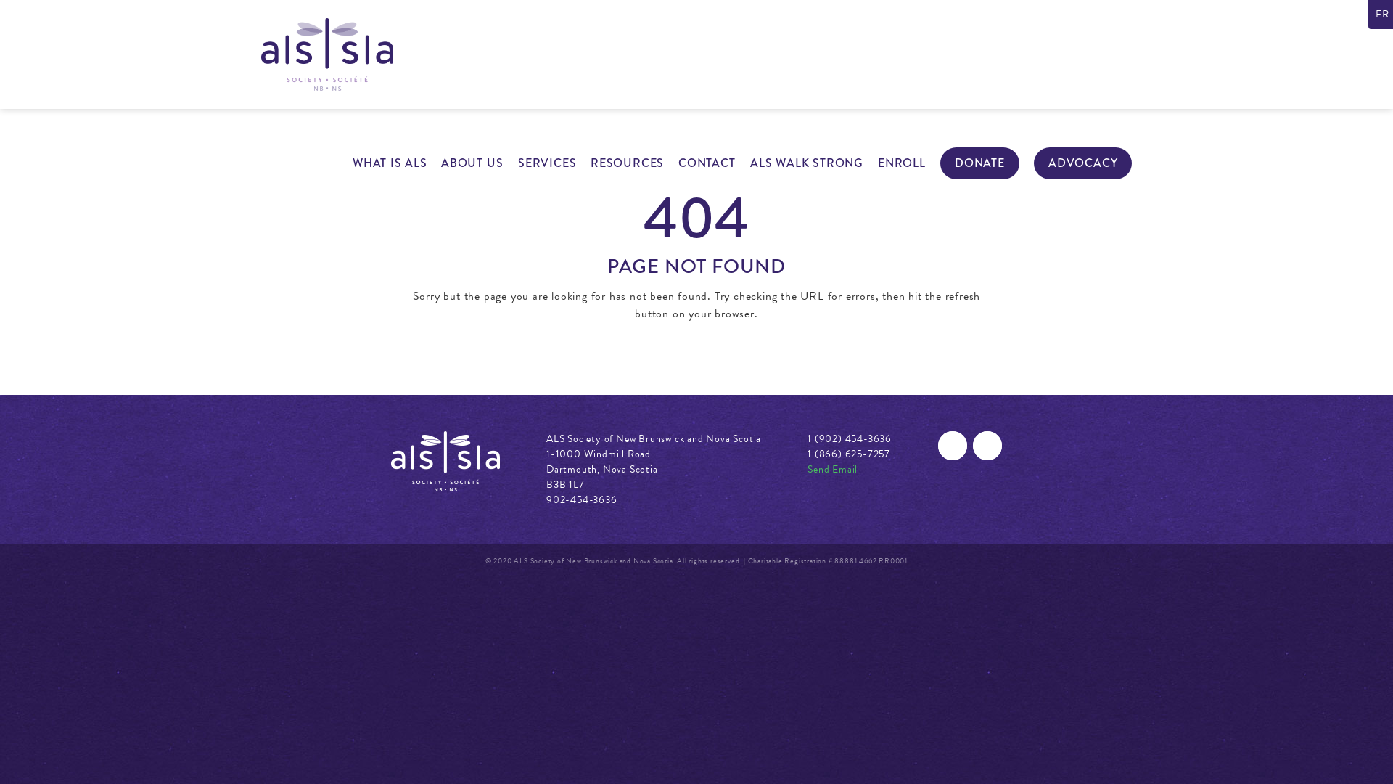 Image resolution: width=1393 pixels, height=784 pixels. What do you see at coordinates (390, 163) in the screenshot?
I see `'WHAT IS ALS'` at bounding box center [390, 163].